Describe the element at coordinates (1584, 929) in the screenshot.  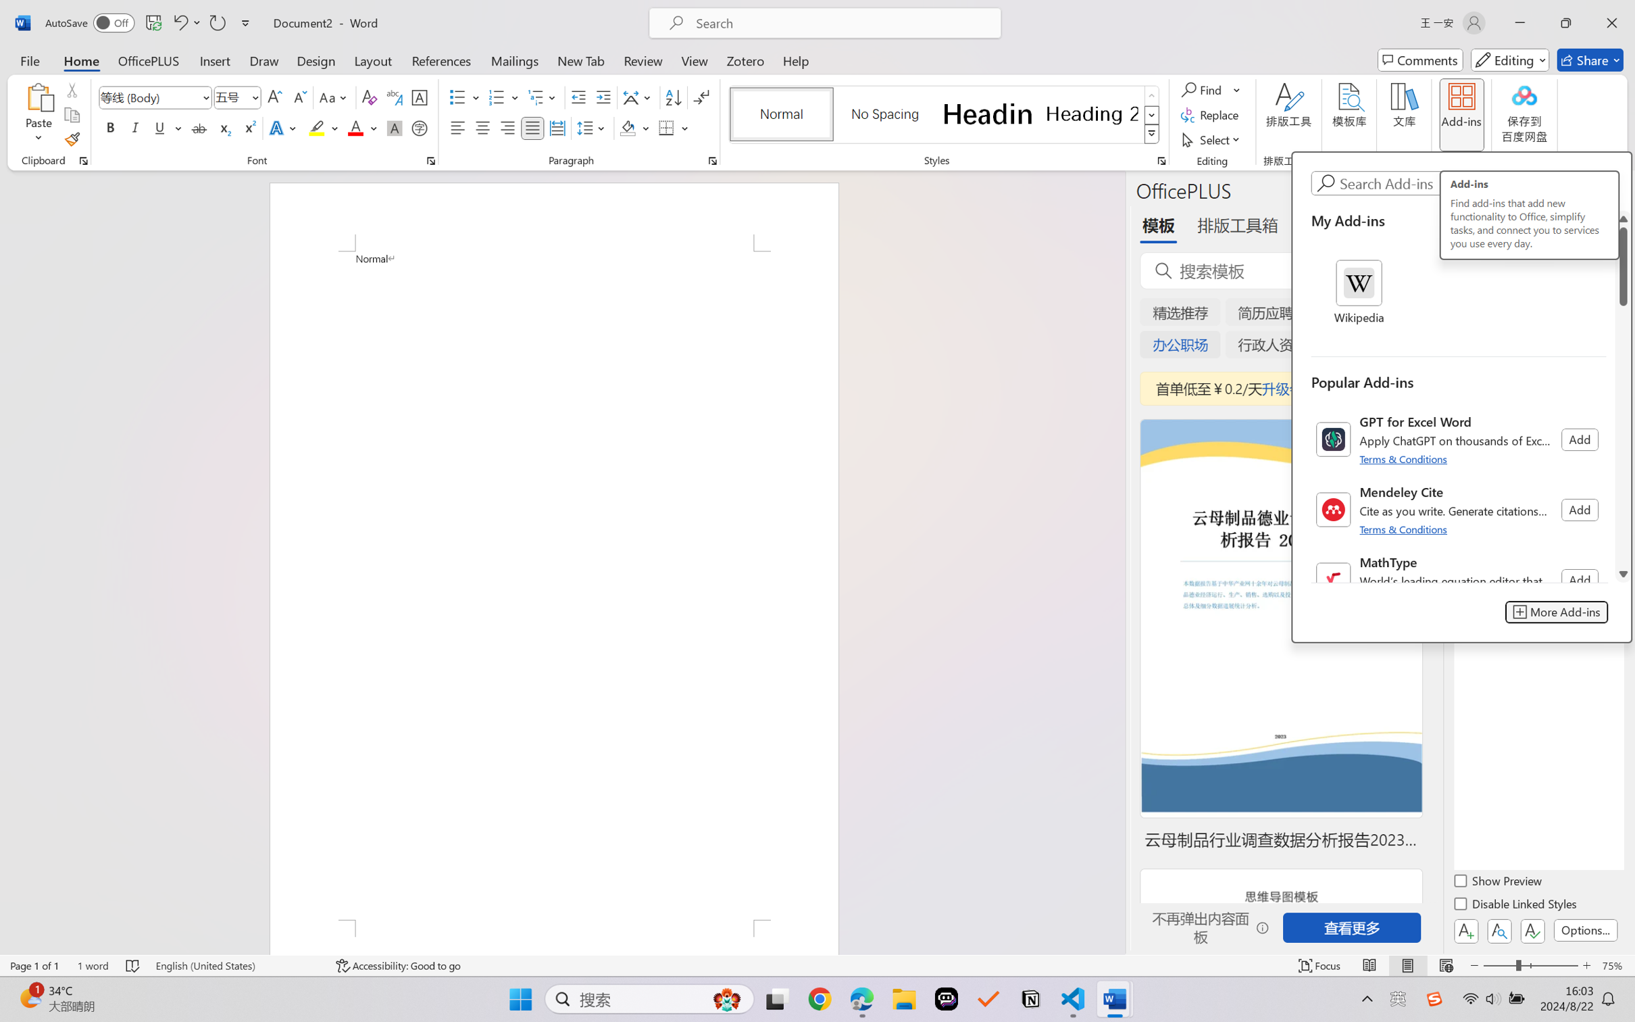
I see `'Options...'` at that location.